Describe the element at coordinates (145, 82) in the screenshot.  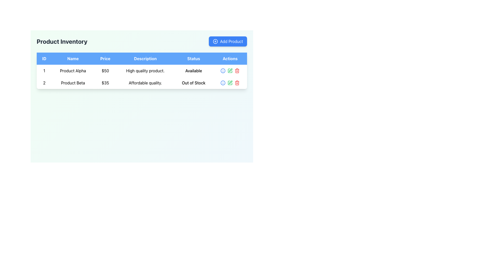
I see `the textual description of 'Product Beta' located in the 'Description' column of the table, which is centrally aligned within its cell` at that location.